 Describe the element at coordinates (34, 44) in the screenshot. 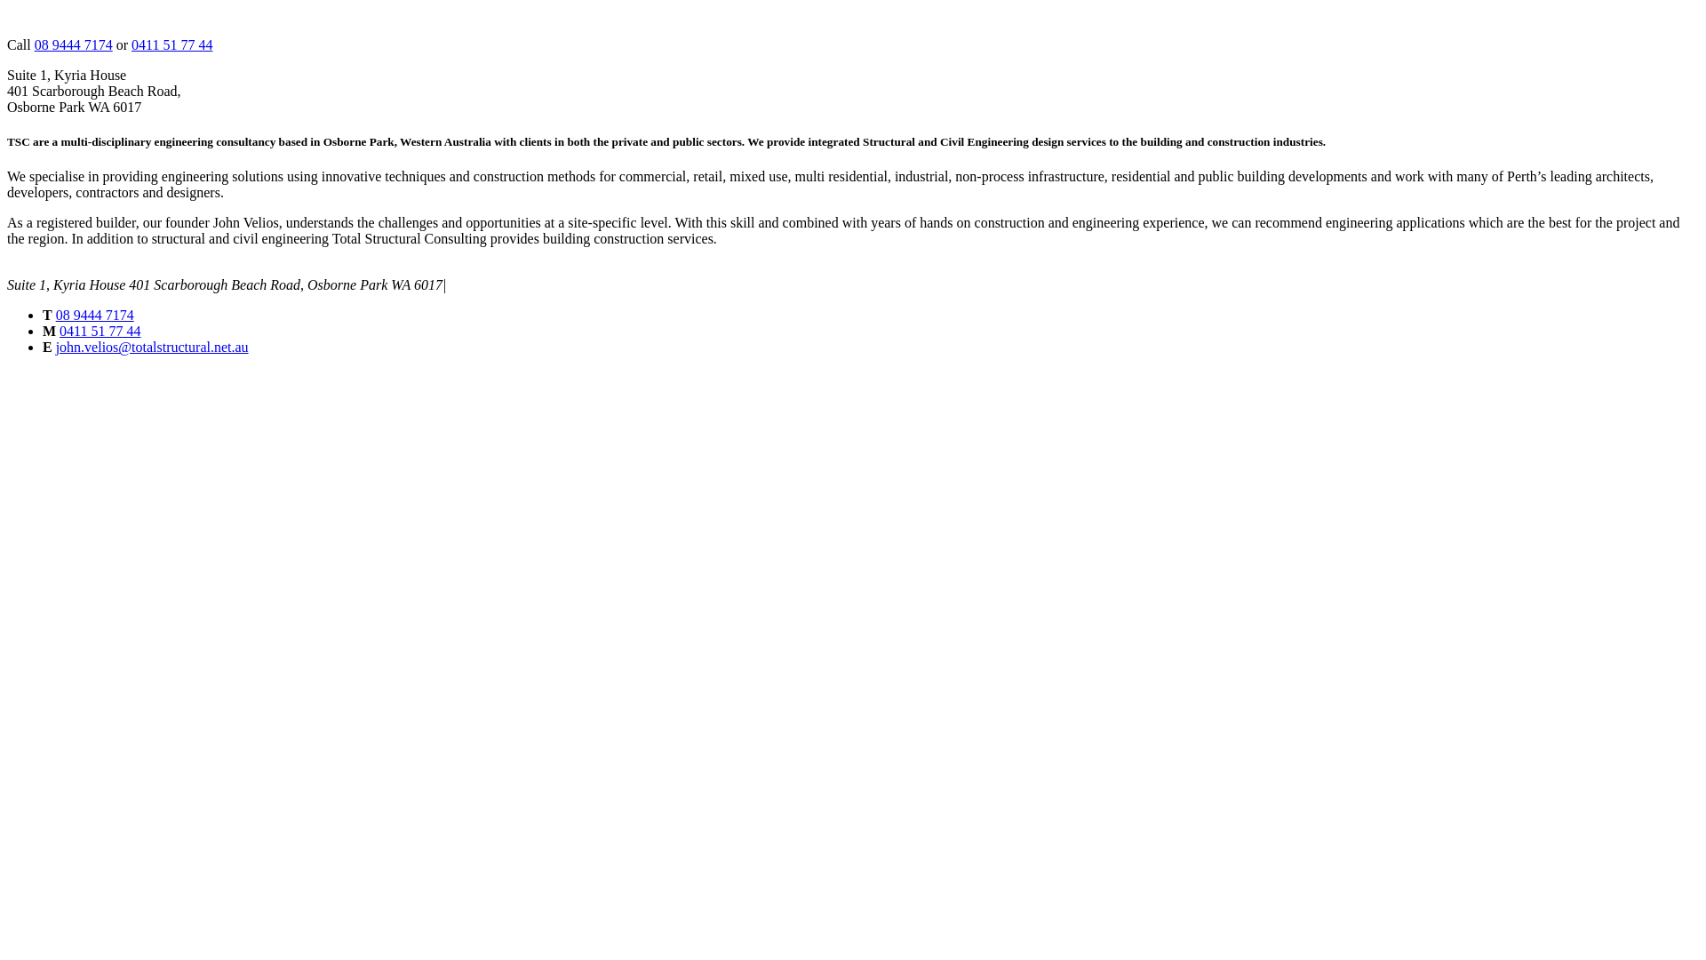

I see `'08 9444 7174'` at that location.